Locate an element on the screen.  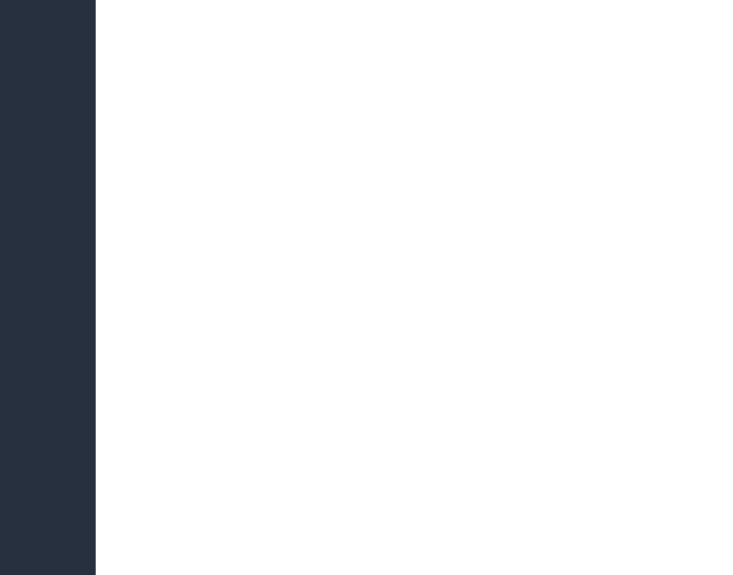
'10. Mar 2015, 18:26' is located at coordinates (252, 8).